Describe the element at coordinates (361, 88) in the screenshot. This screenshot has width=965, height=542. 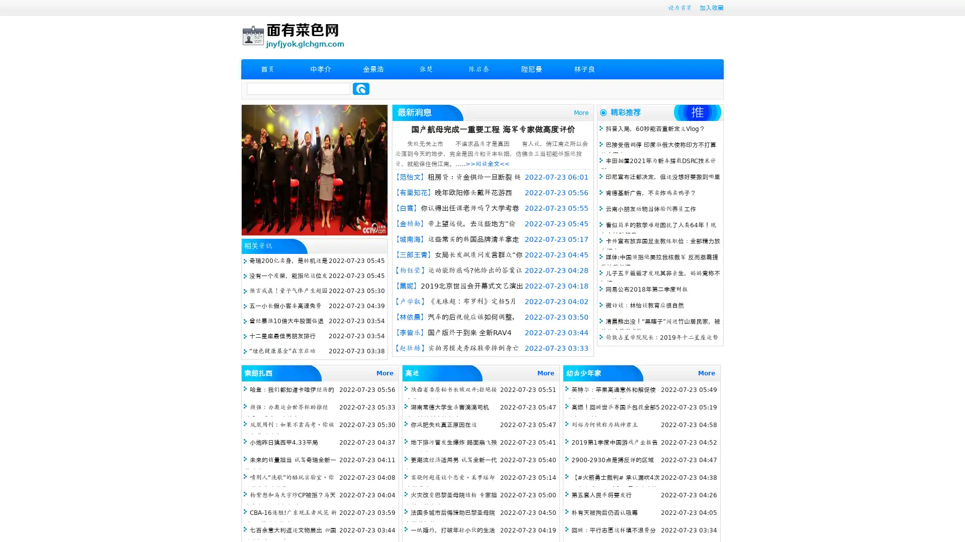
I see `Search` at that location.